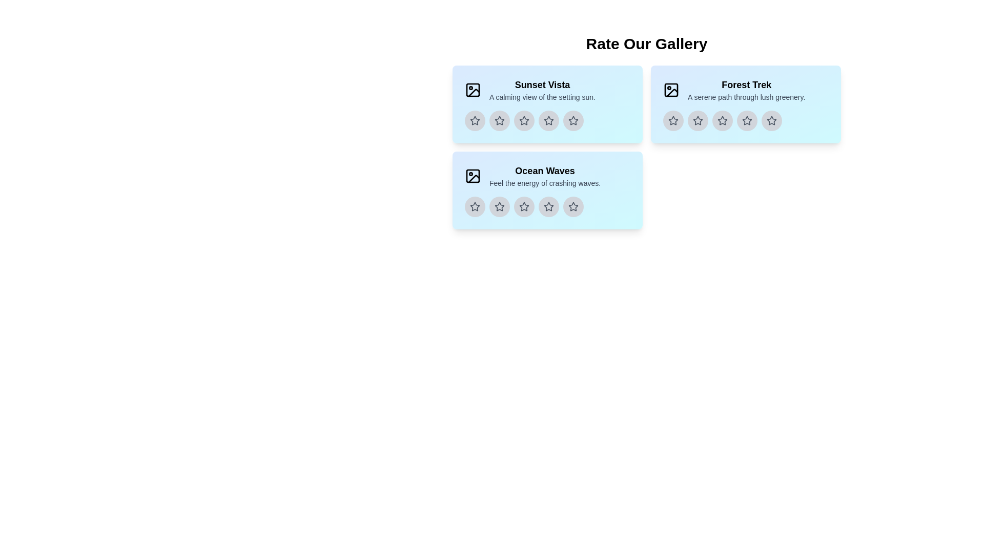 The width and height of the screenshot is (984, 553). What do you see at coordinates (547, 175) in the screenshot?
I see `the Information block containing the icon and the text 'Ocean Waves'` at bounding box center [547, 175].